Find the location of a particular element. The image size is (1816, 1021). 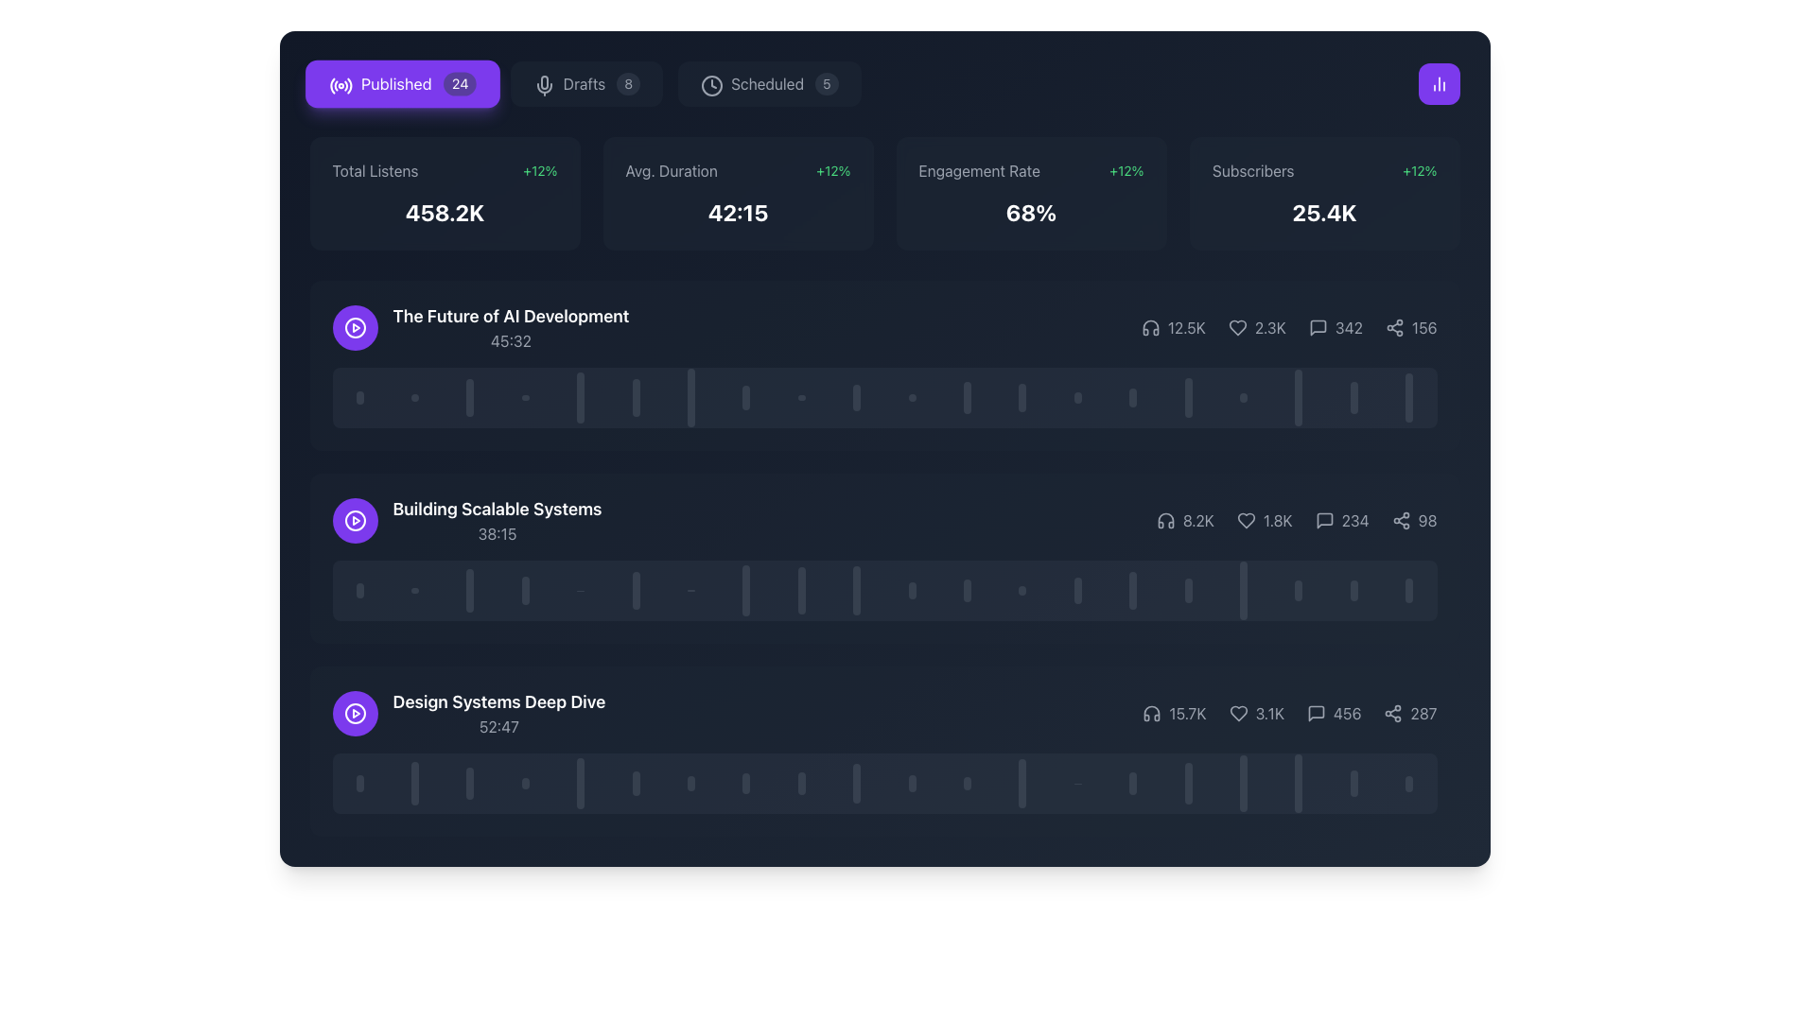

the color of the text component displaying '+12%' in green, positioned to the right of 'Engagement Rate' in the summary stats section is located at coordinates (1126, 171).